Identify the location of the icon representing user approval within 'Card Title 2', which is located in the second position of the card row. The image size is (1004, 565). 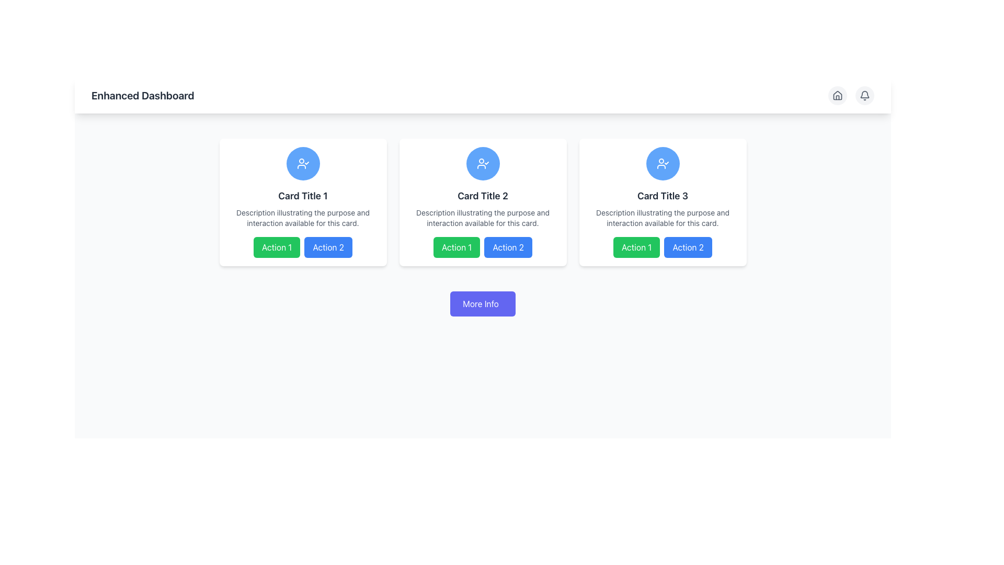
(482, 163).